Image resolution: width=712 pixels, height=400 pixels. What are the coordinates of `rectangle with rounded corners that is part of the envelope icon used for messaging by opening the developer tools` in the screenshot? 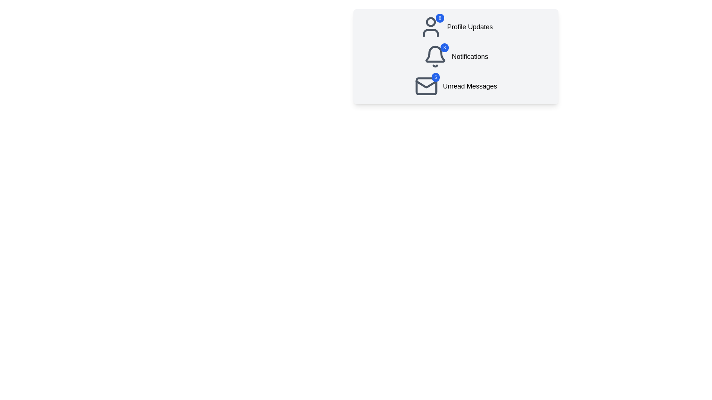 It's located at (426, 86).